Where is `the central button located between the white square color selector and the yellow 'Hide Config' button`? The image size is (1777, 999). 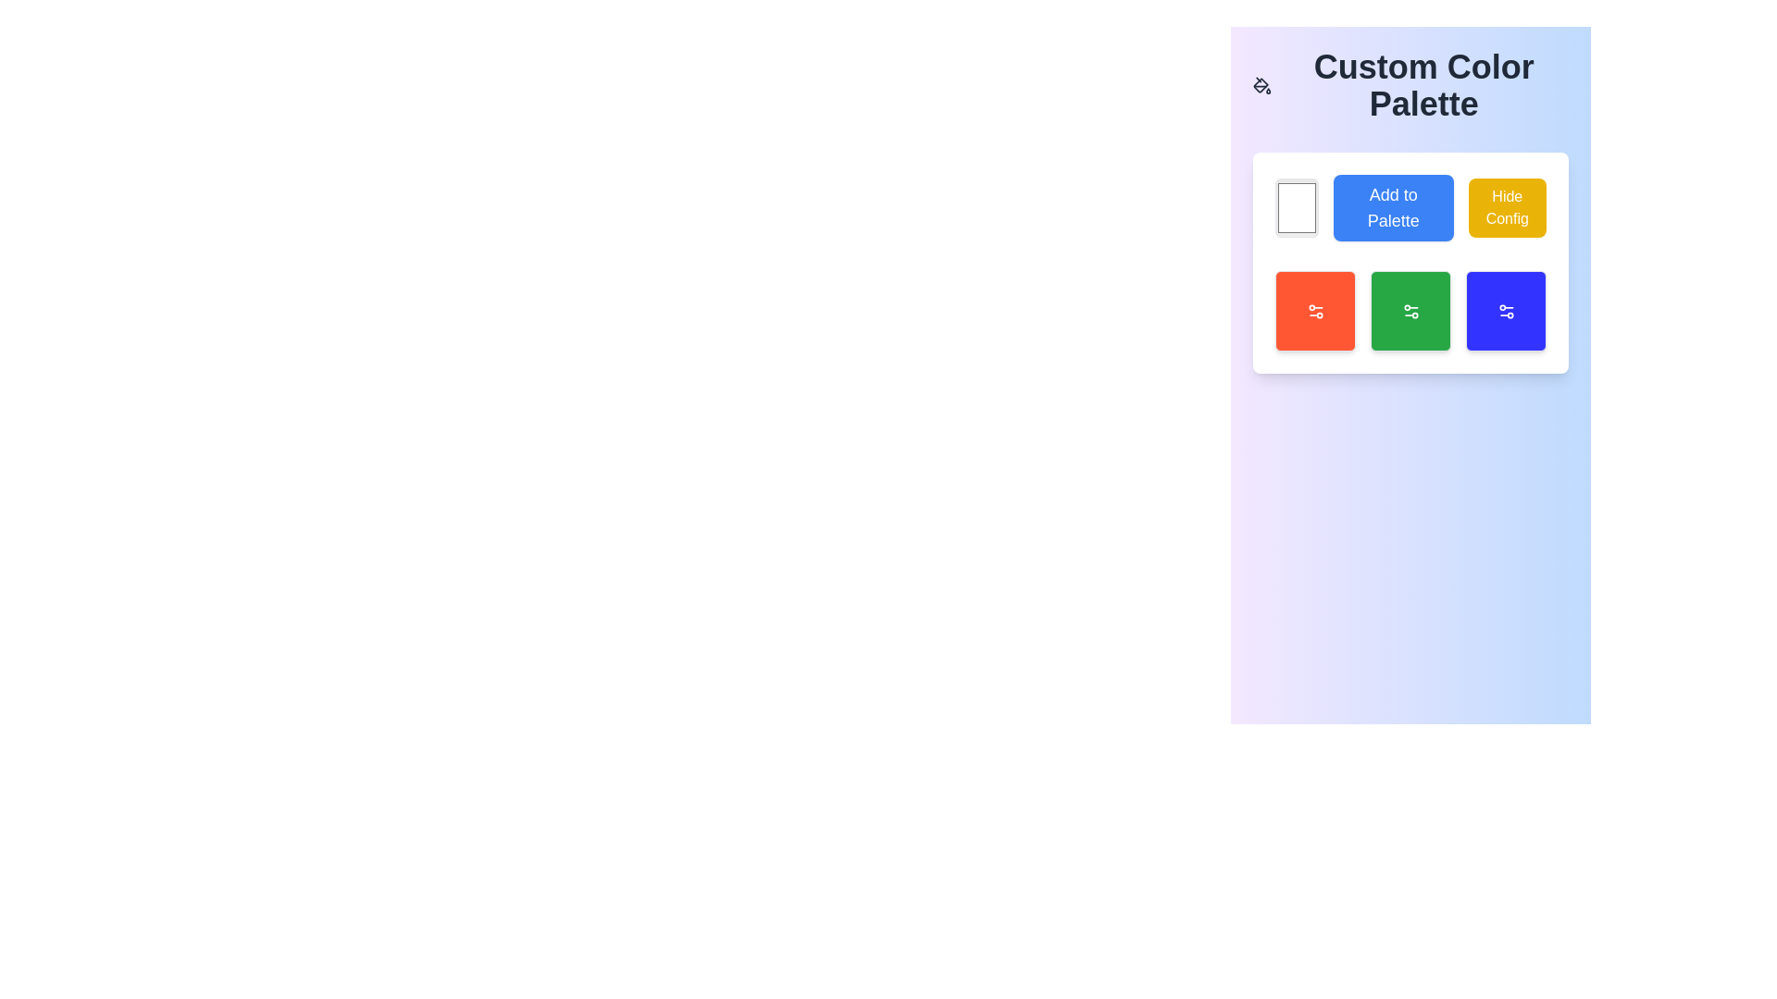
the central button located between the white square color selector and the yellow 'Hide Config' button is located at coordinates (1393, 207).